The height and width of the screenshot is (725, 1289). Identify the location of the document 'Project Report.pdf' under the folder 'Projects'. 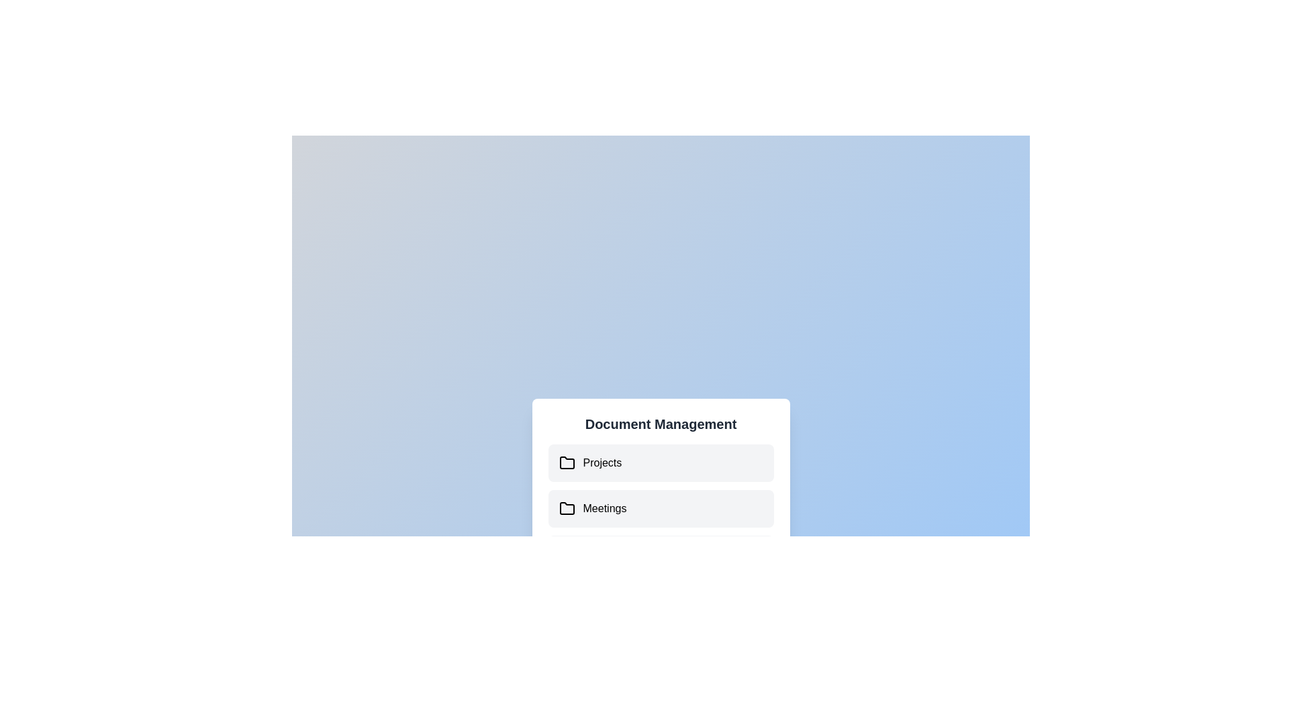
(661, 463).